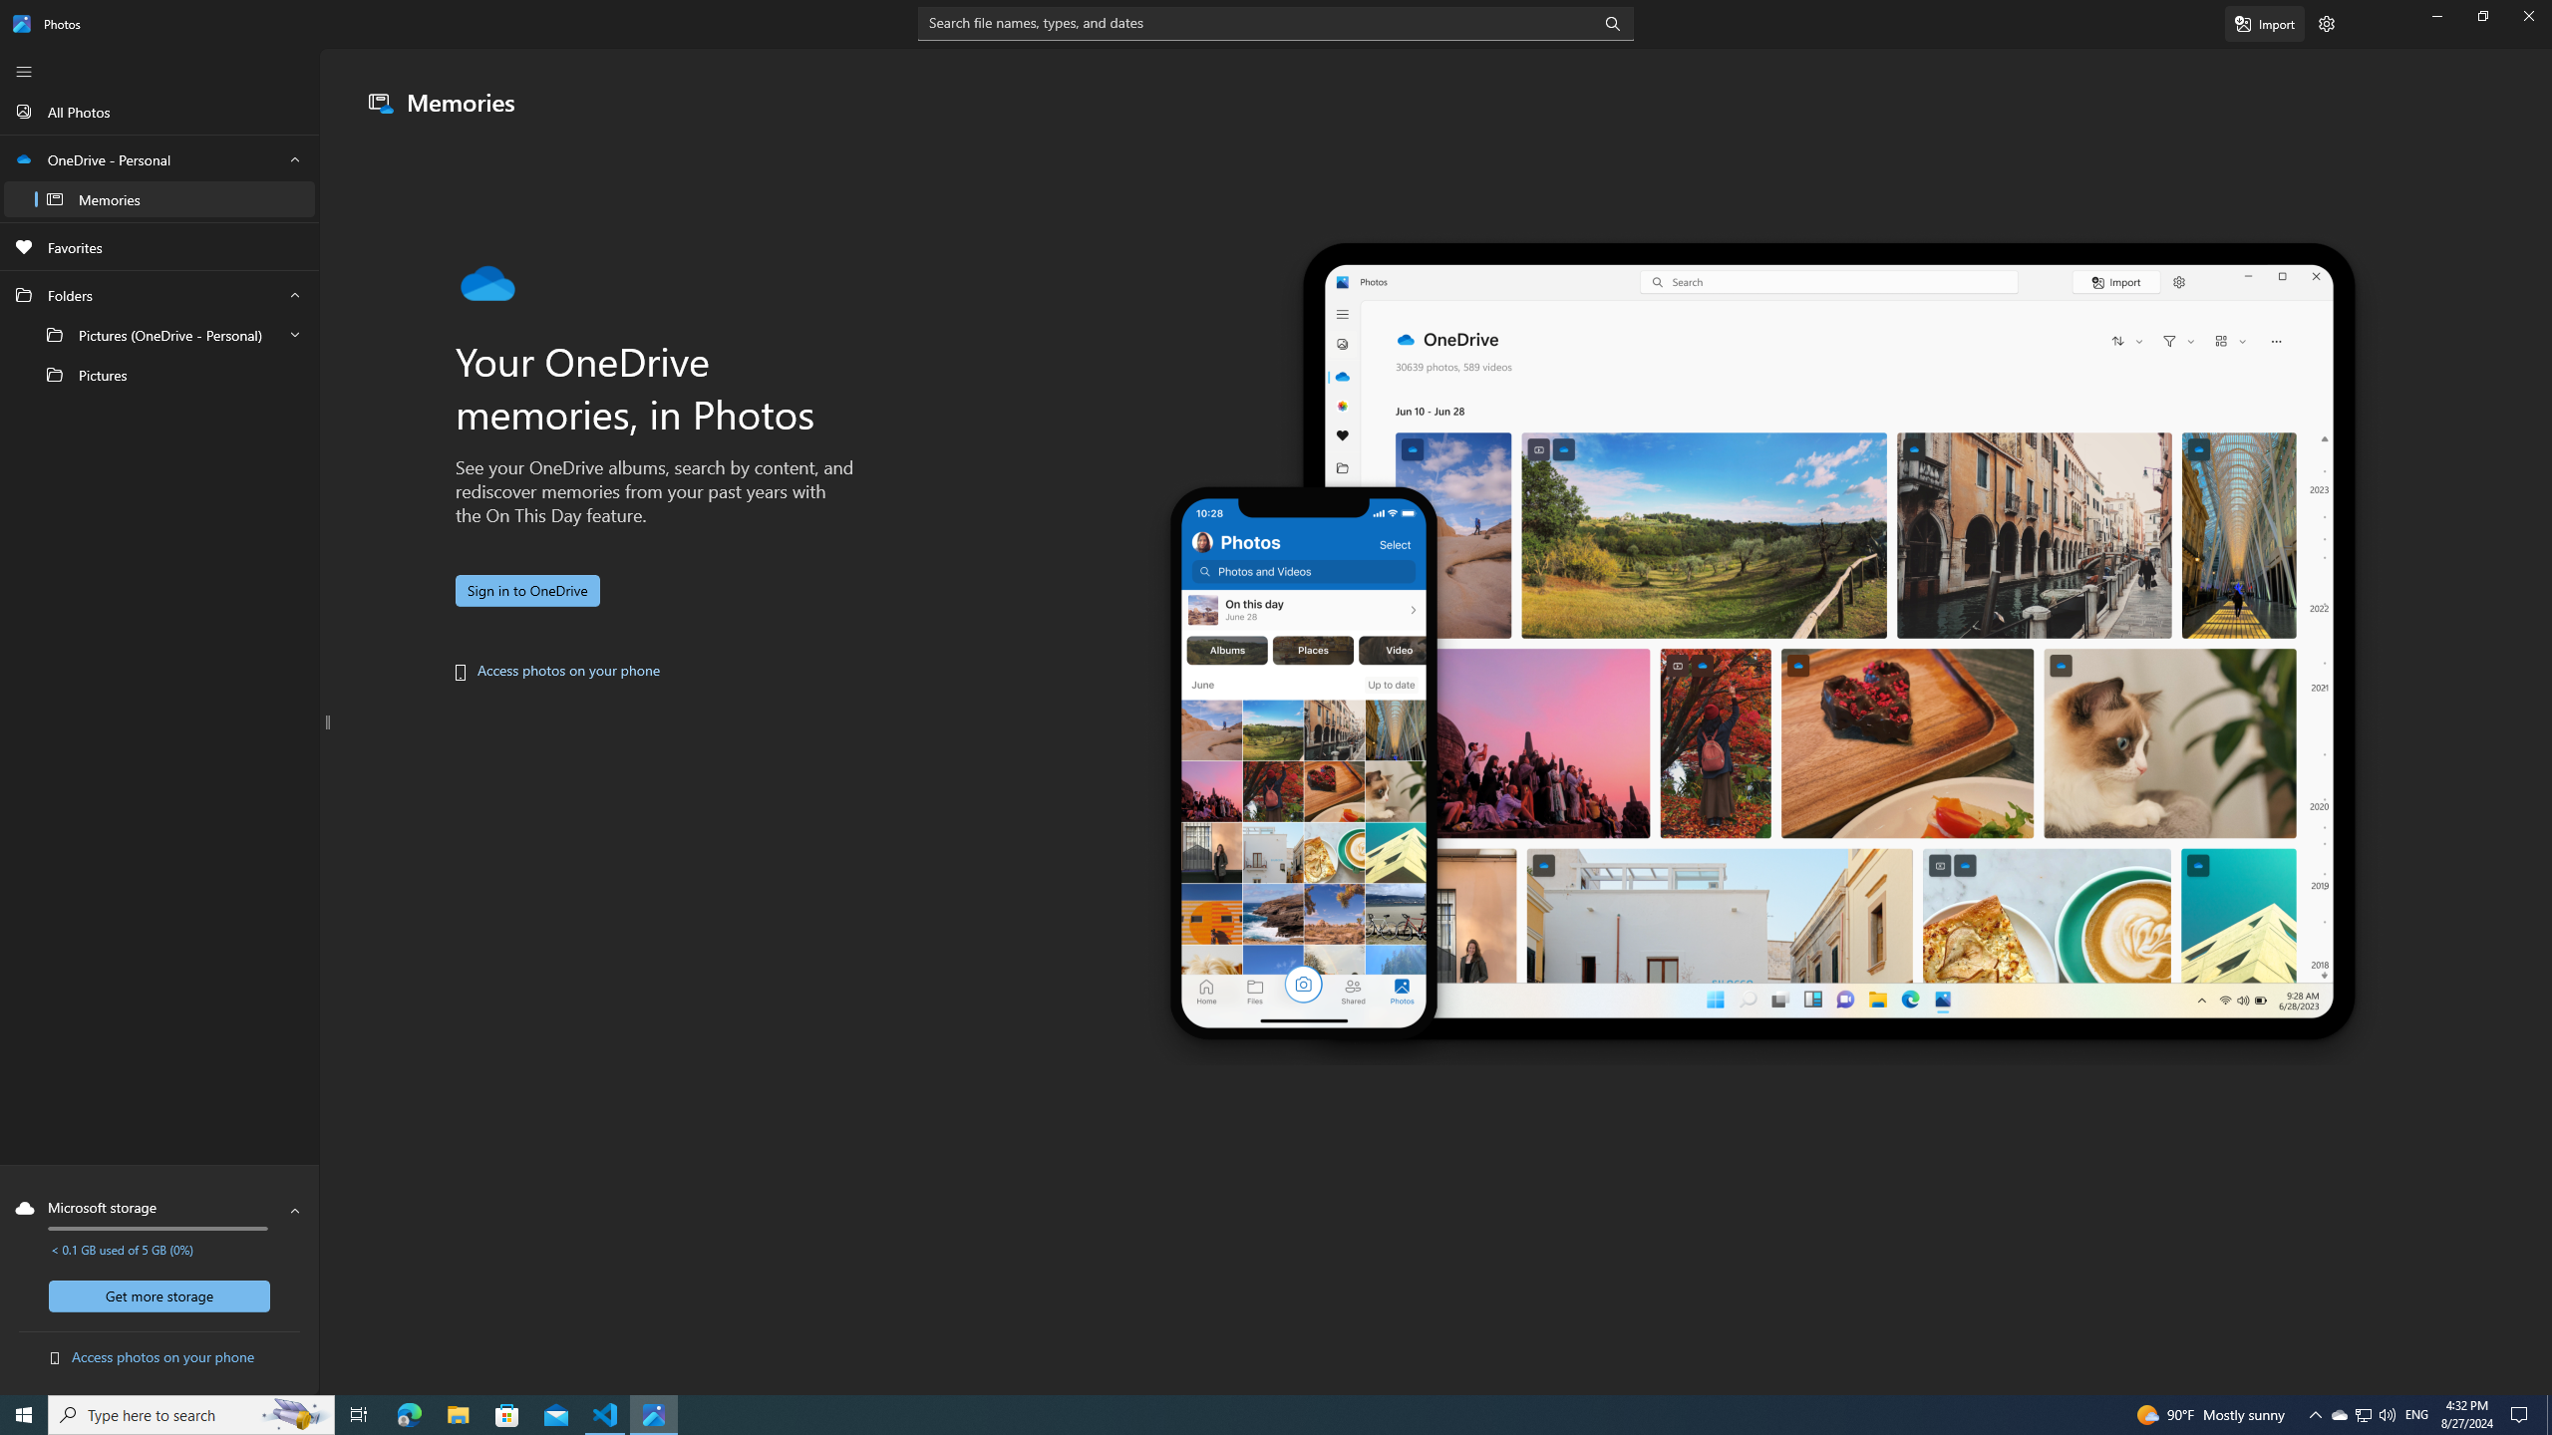 The image size is (2552, 1435). I want to click on 'Search file names, types, and dates', so click(1276, 22).